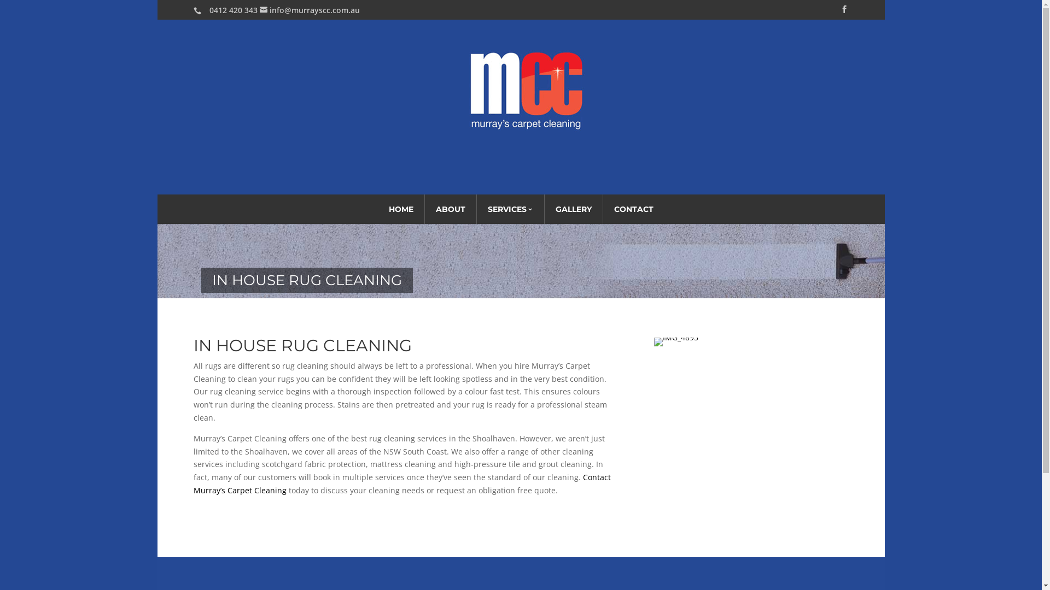 The image size is (1050, 590). I want to click on 'SERVICES', so click(477, 209).